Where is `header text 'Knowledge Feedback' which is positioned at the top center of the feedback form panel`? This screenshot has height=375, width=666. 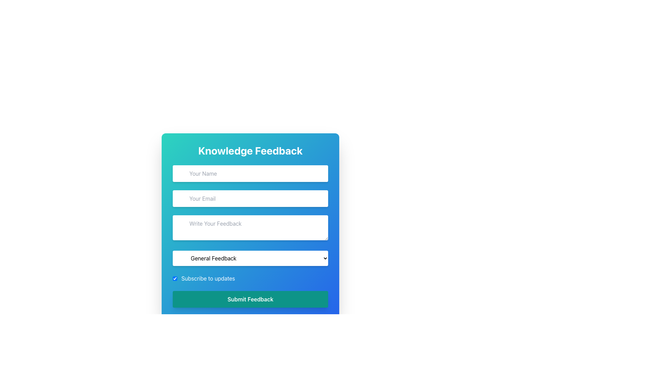
header text 'Knowledge Feedback' which is positioned at the top center of the feedback form panel is located at coordinates (250, 150).